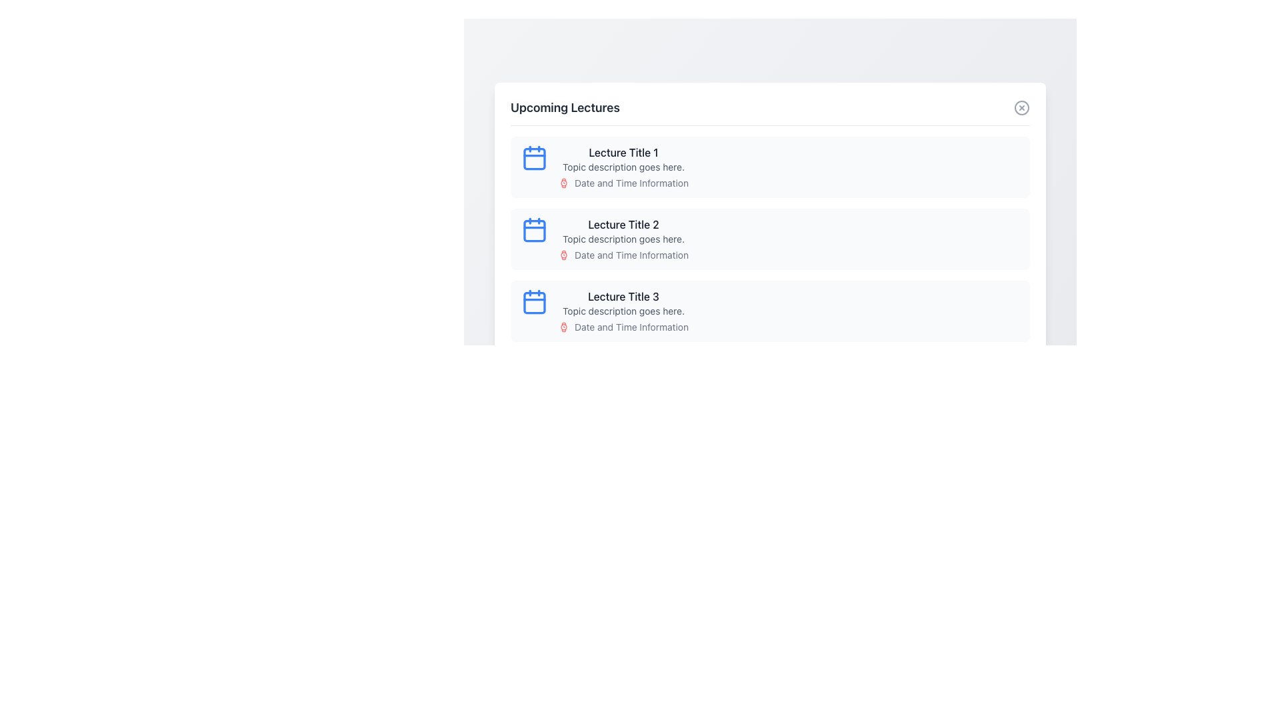 This screenshot has width=1280, height=720. What do you see at coordinates (623, 183) in the screenshot?
I see `the static text label 'Date and Time Information' with a red clock icon, positioned below the topic description and aligned with the date and time section in the first lecture row` at bounding box center [623, 183].